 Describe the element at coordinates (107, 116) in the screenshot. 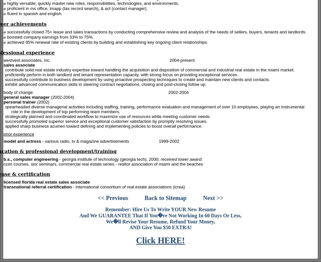

I see `'strategically planned
and coordinated workflow to maximize use of resources while meeting customer
needs.'` at that location.